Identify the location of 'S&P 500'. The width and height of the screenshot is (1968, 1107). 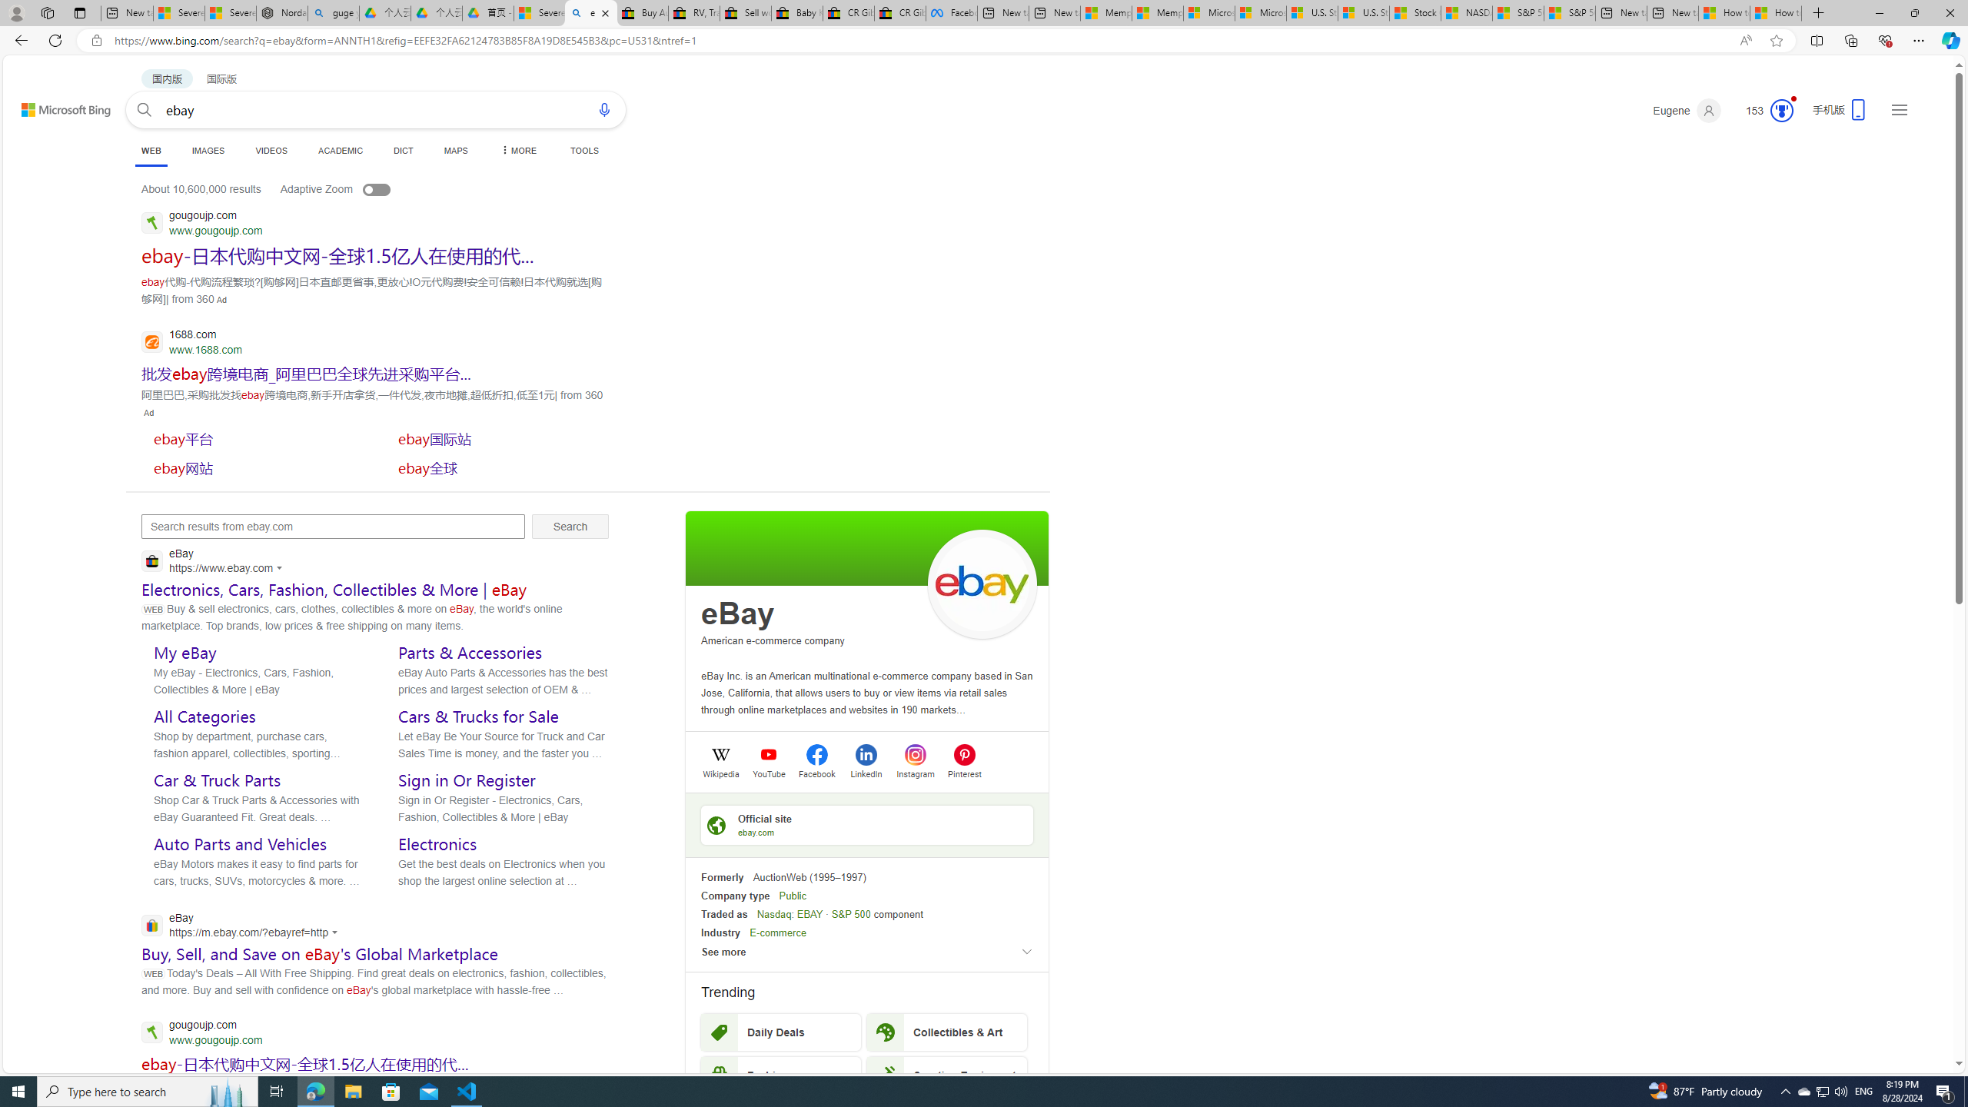
(850, 913).